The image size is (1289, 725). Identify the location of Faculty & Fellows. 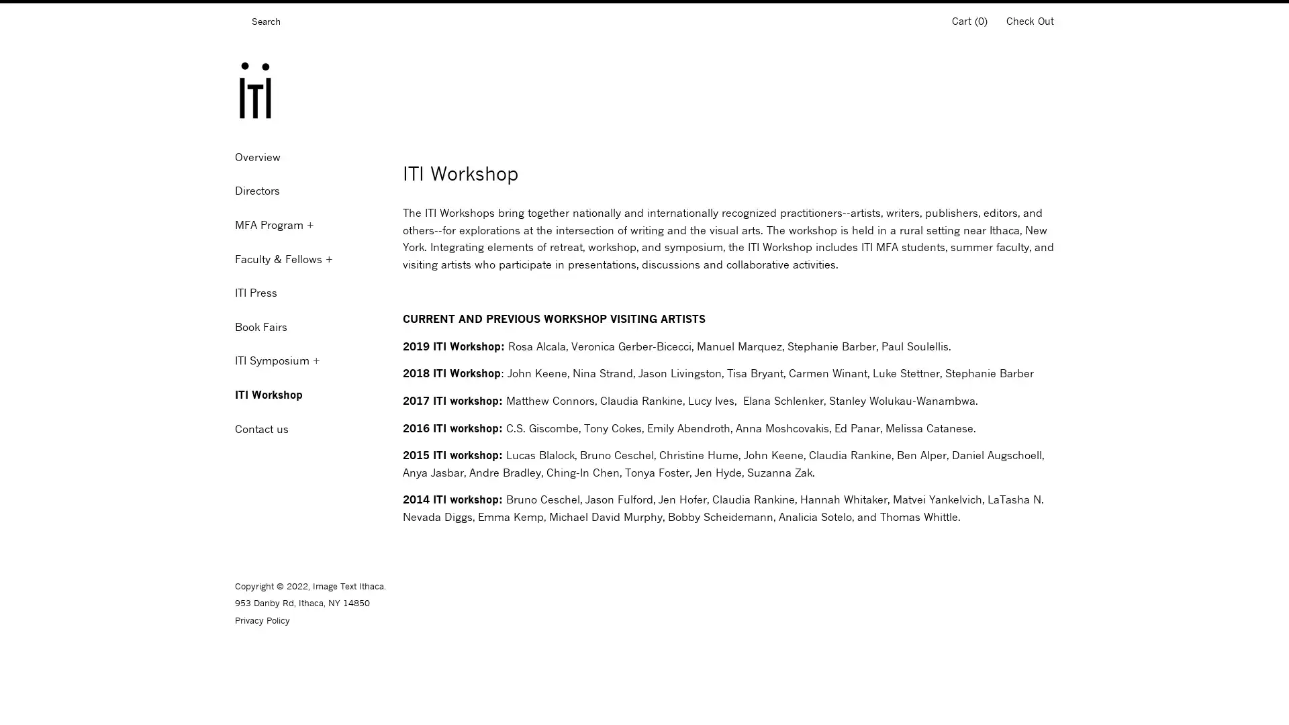
(308, 258).